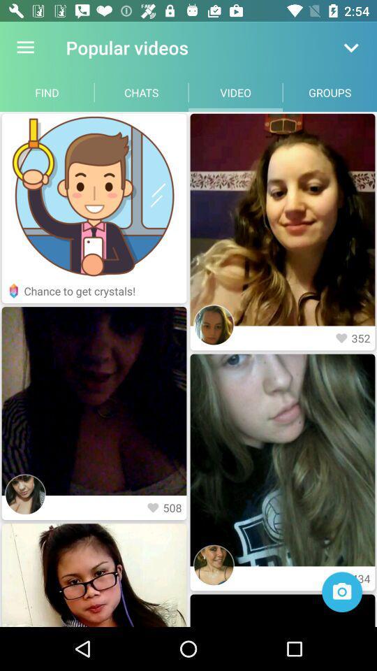 The width and height of the screenshot is (377, 671). I want to click on the chats icon, so click(141, 92).